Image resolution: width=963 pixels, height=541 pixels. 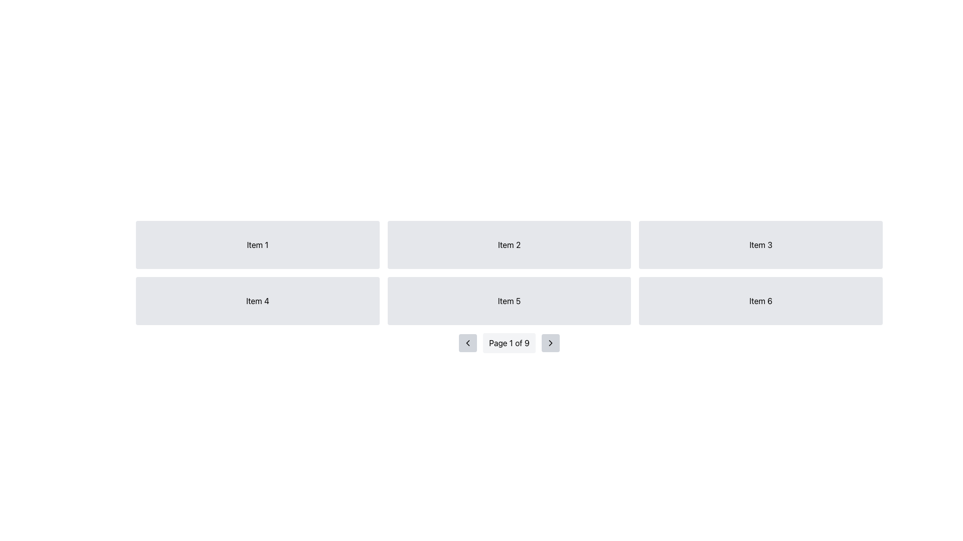 What do you see at coordinates (509, 343) in the screenshot?
I see `the static text display that indicates the current page and total number of pages in the pagination context, located centrally in the bottom navigation section` at bounding box center [509, 343].